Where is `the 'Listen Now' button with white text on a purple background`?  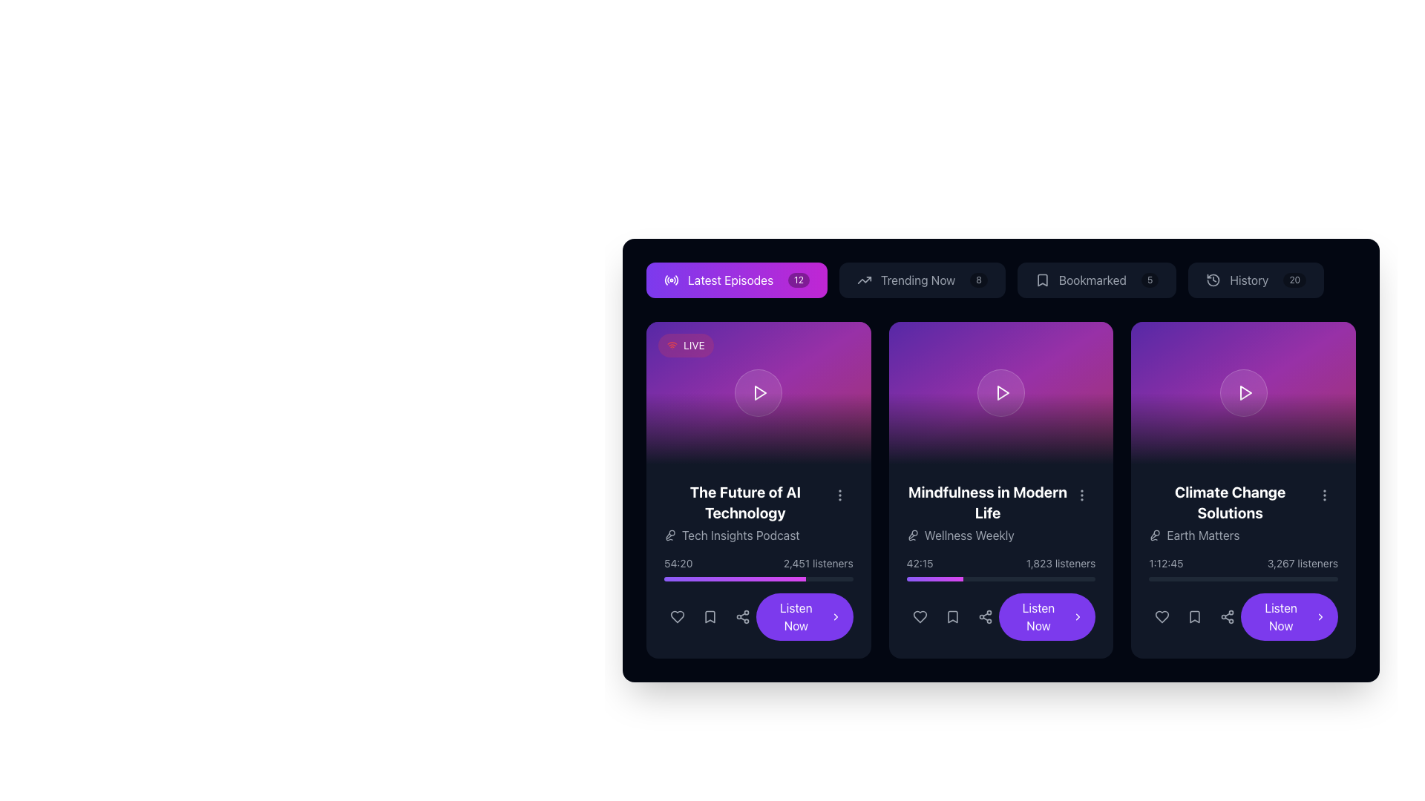 the 'Listen Now' button with white text on a purple background is located at coordinates (759, 617).